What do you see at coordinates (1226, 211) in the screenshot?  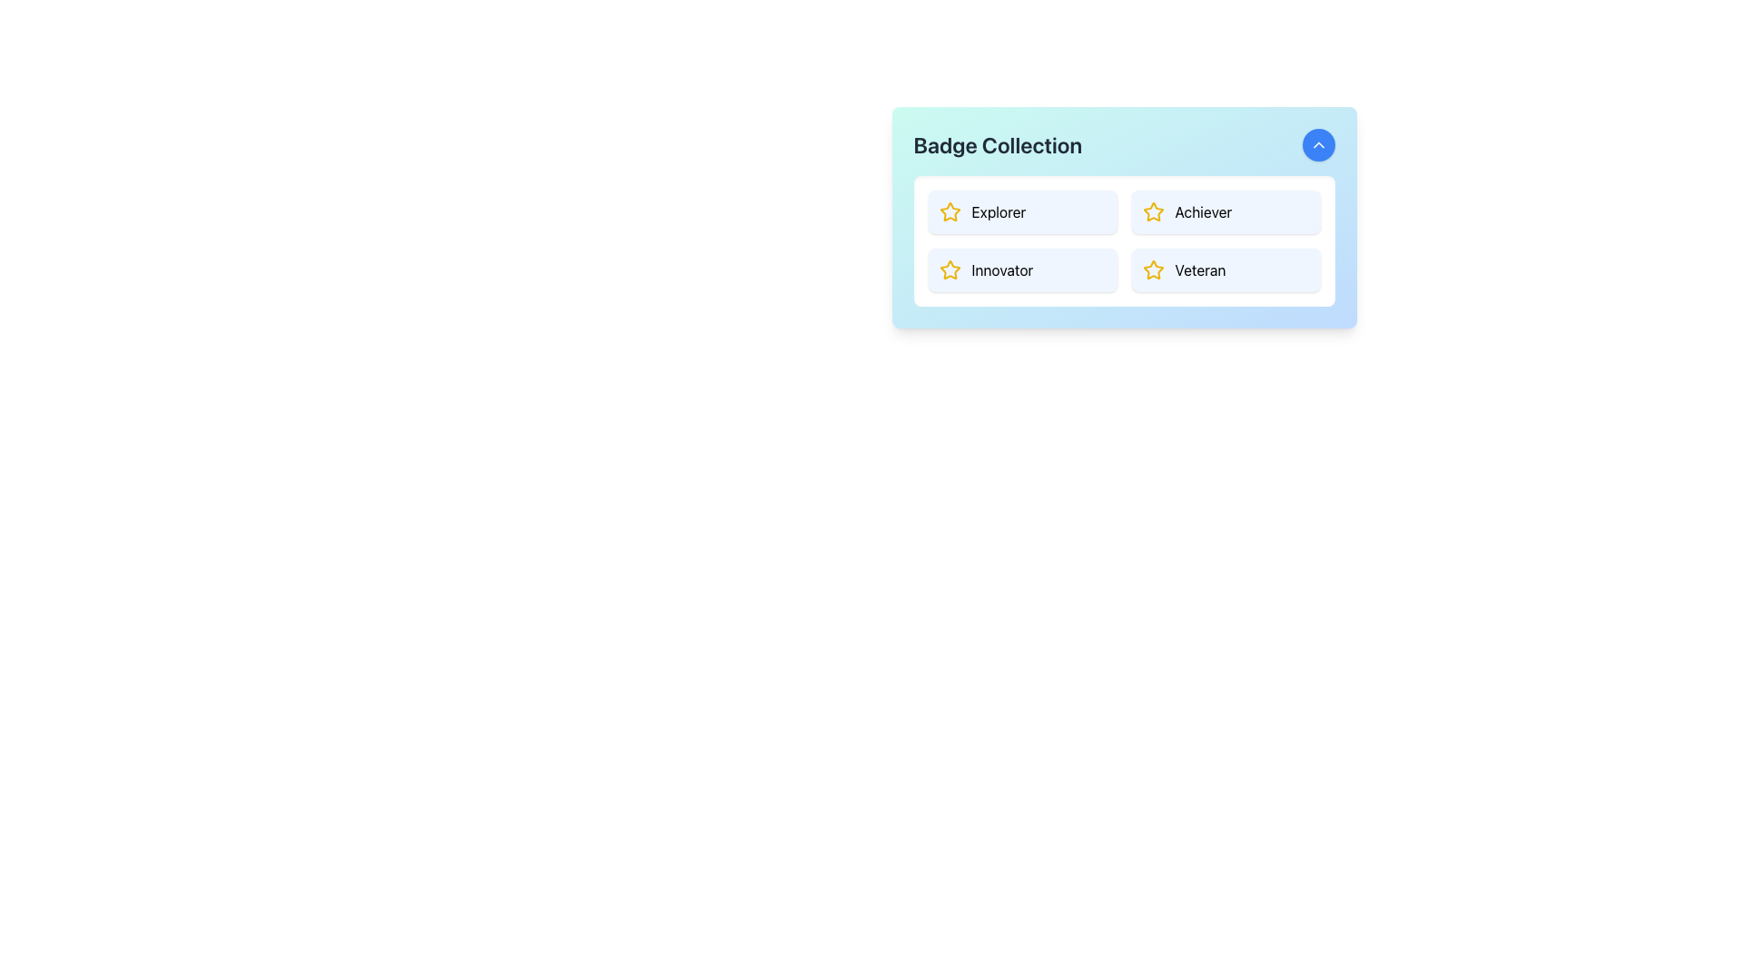 I see `the List Item Button labeled 'Achiever', which features a blue background and a yellow star icon, located in the 'Badge Collection' section` at bounding box center [1226, 211].